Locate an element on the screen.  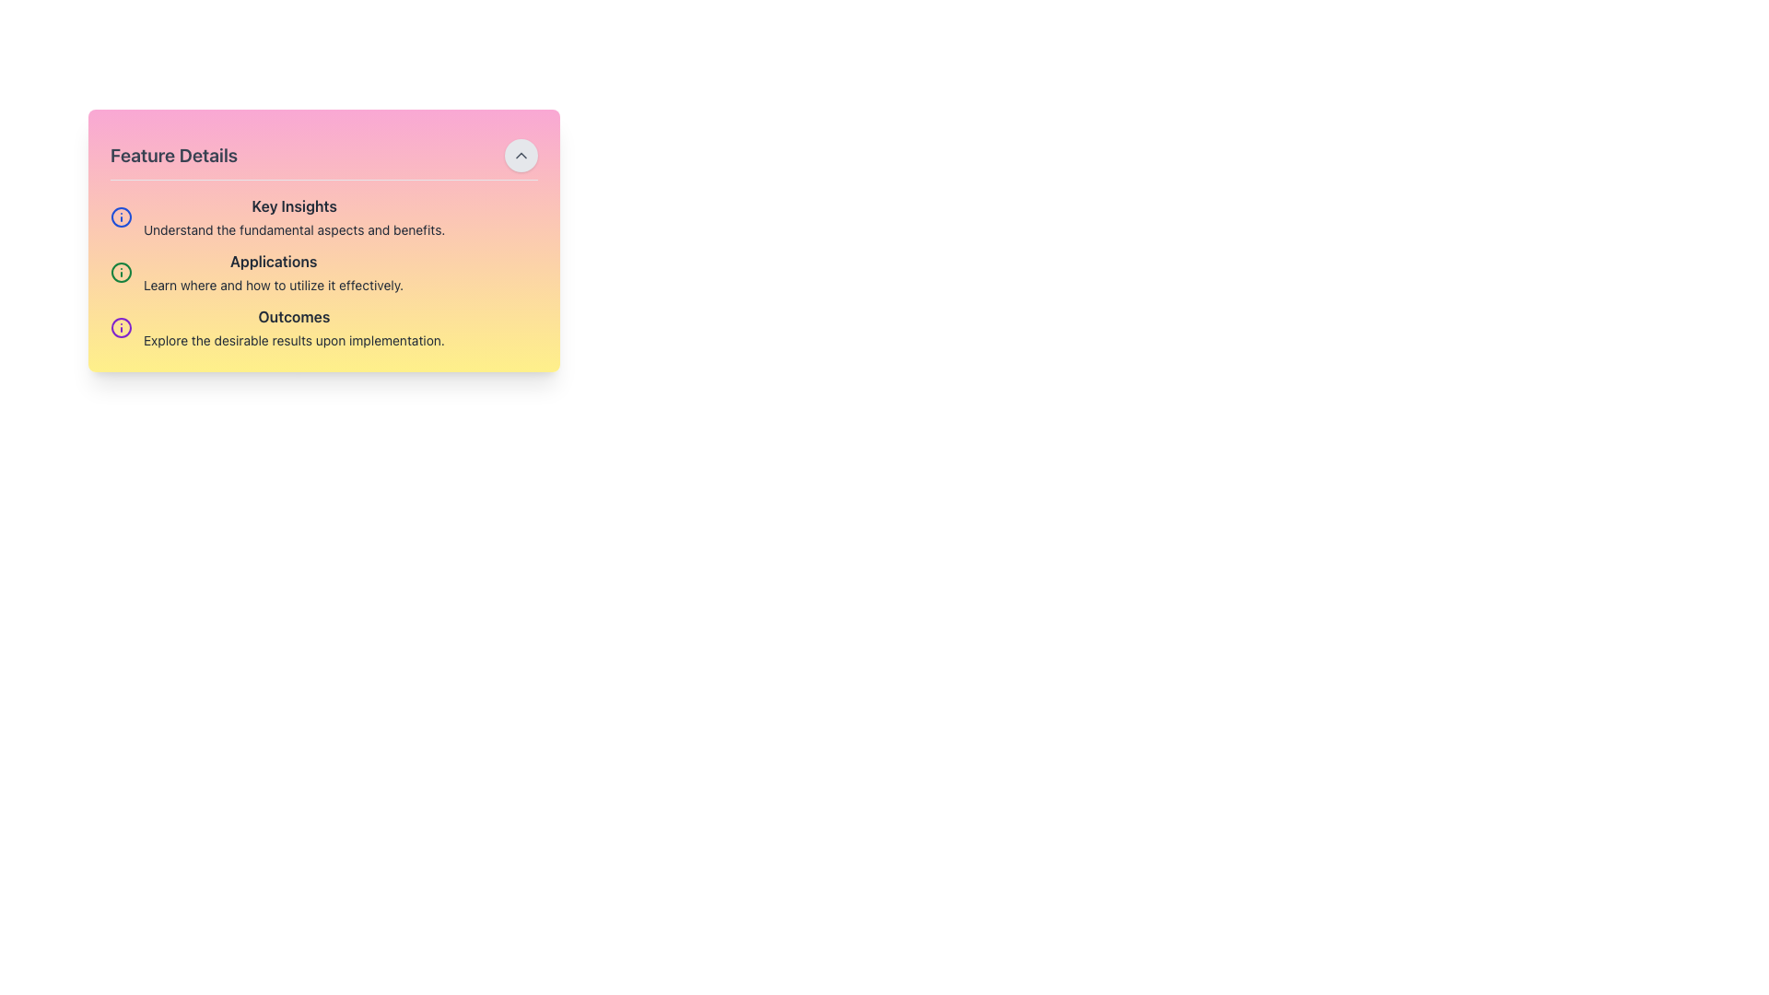
the circular button with a light gray background and upward-pointing chevron icon located at the top-right corner of the 'Feature Details' panel to change its background color is located at coordinates (521, 155).